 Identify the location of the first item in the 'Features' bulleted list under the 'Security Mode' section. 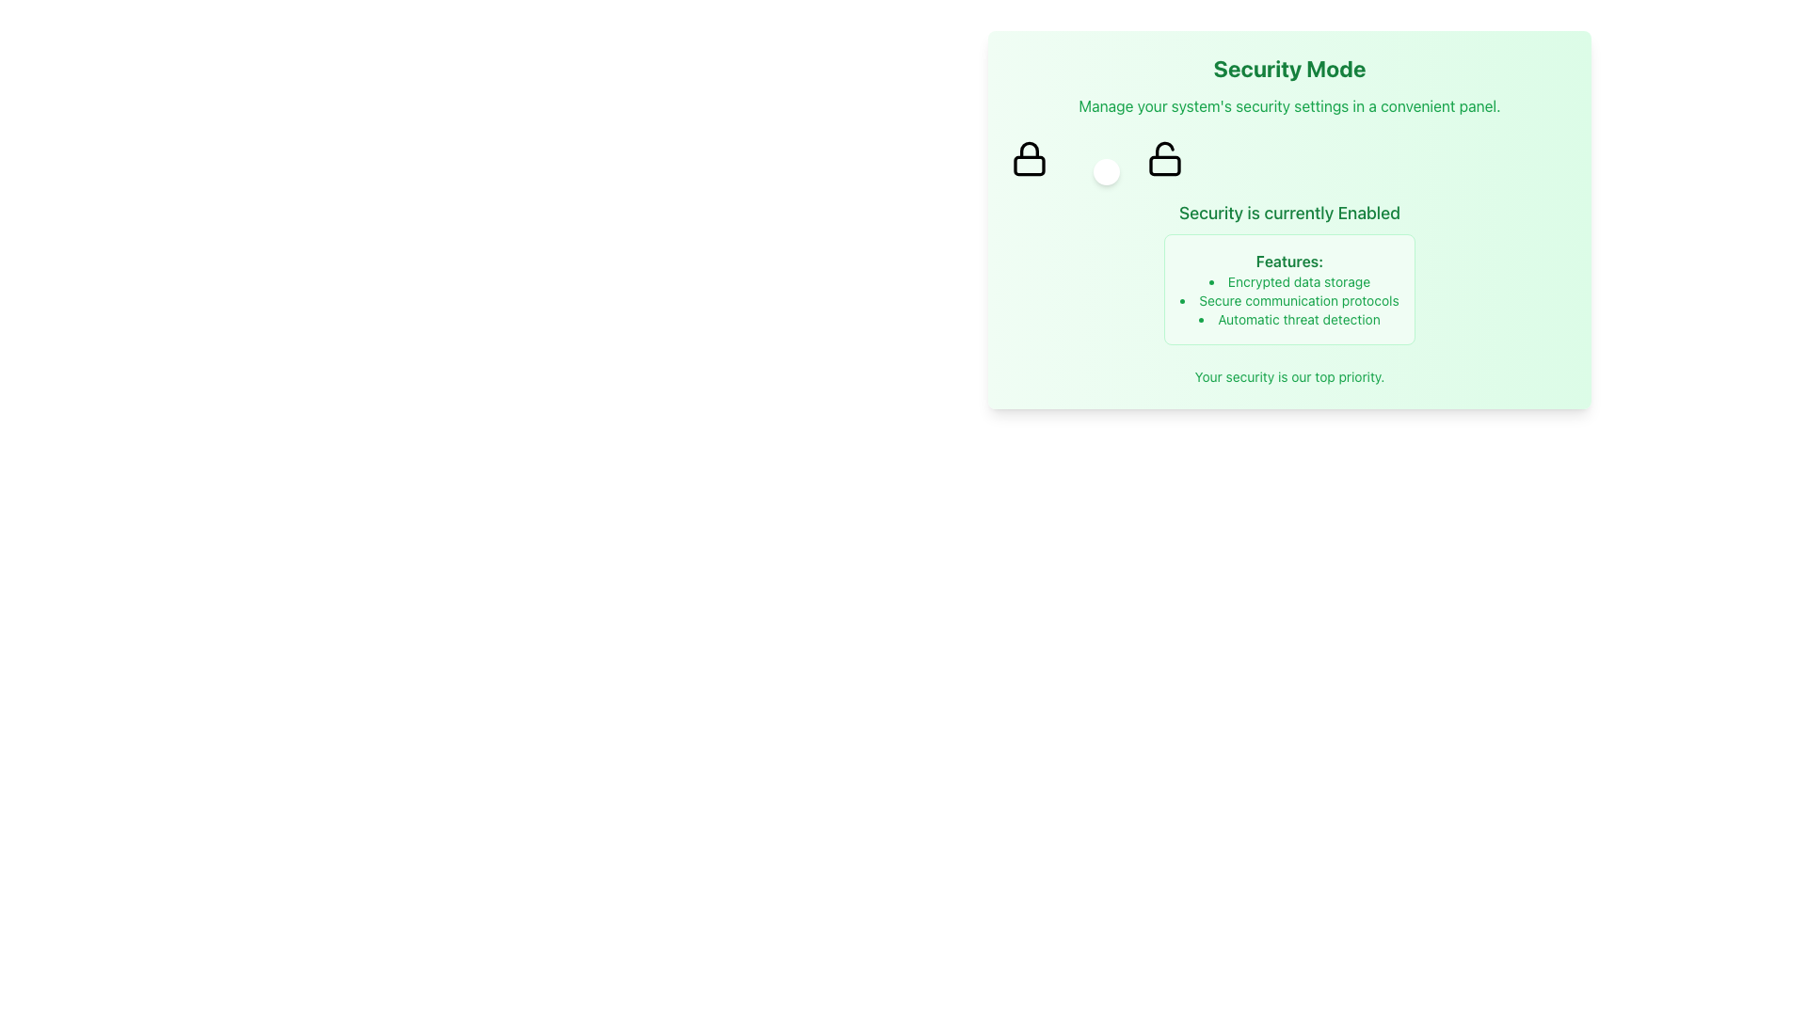
(1288, 282).